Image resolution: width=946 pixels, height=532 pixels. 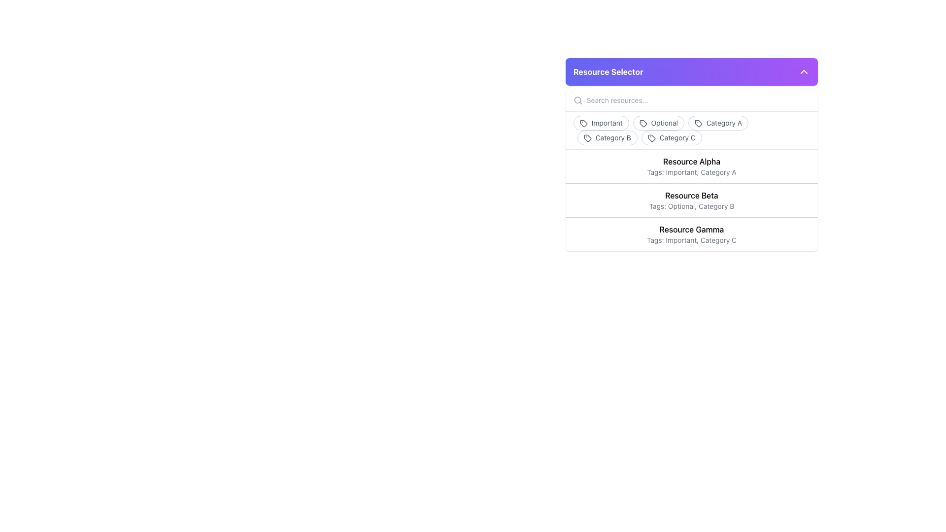 What do you see at coordinates (691, 199) in the screenshot?
I see `the list item displaying 'Resource Beta'` at bounding box center [691, 199].